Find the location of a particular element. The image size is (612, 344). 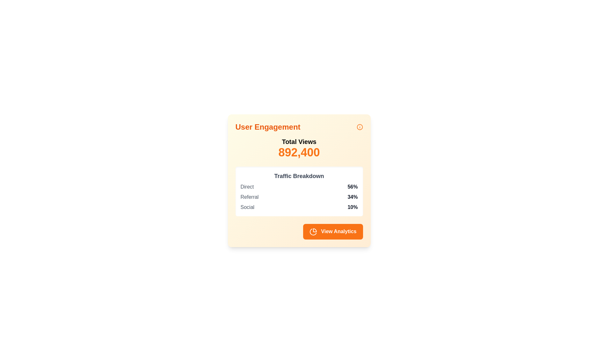

the Text label indicating the type of statistic in the 'User Engagement' card, located above the orange numerical figure '892,400' is located at coordinates (299, 141).